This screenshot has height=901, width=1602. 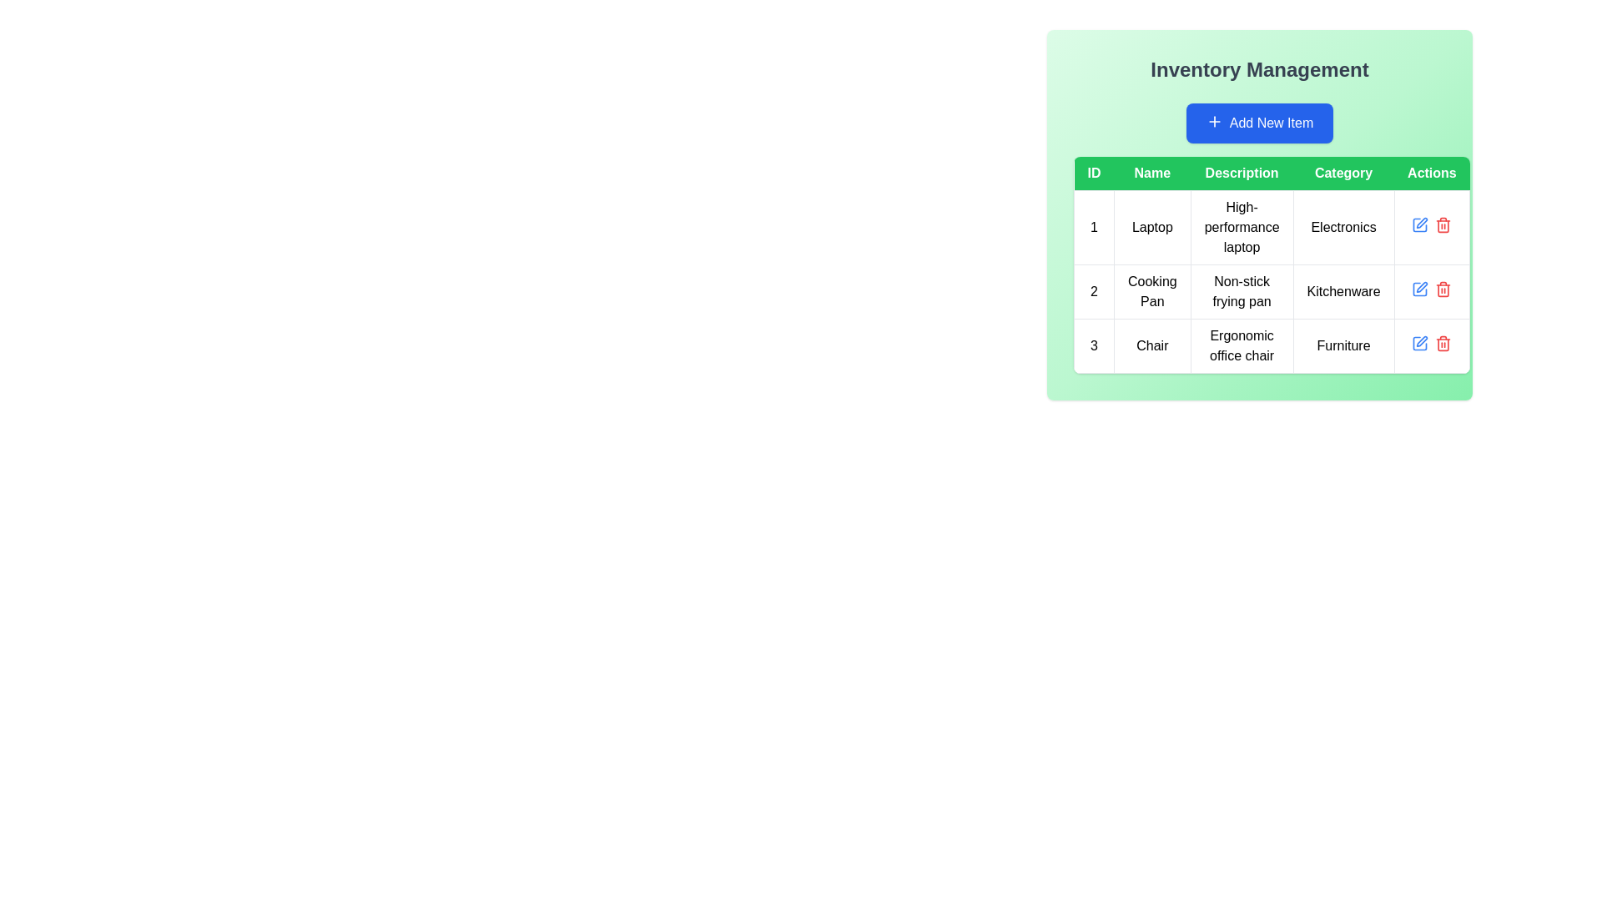 What do you see at coordinates (1094, 345) in the screenshot?
I see `the label that represents the identifier for the corresponding row in the table, positioned towards the middle-left of the table body` at bounding box center [1094, 345].